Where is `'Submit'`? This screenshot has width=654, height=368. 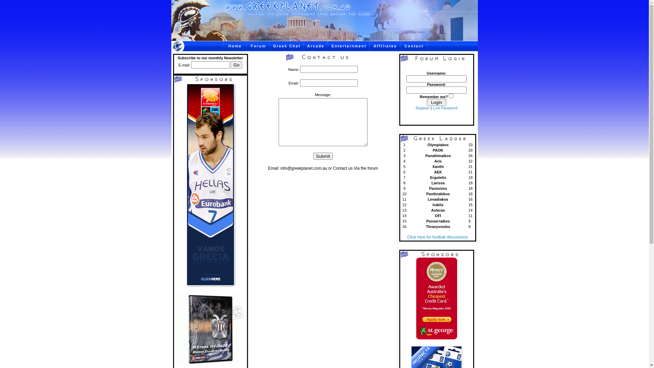
'Submit' is located at coordinates (323, 156).